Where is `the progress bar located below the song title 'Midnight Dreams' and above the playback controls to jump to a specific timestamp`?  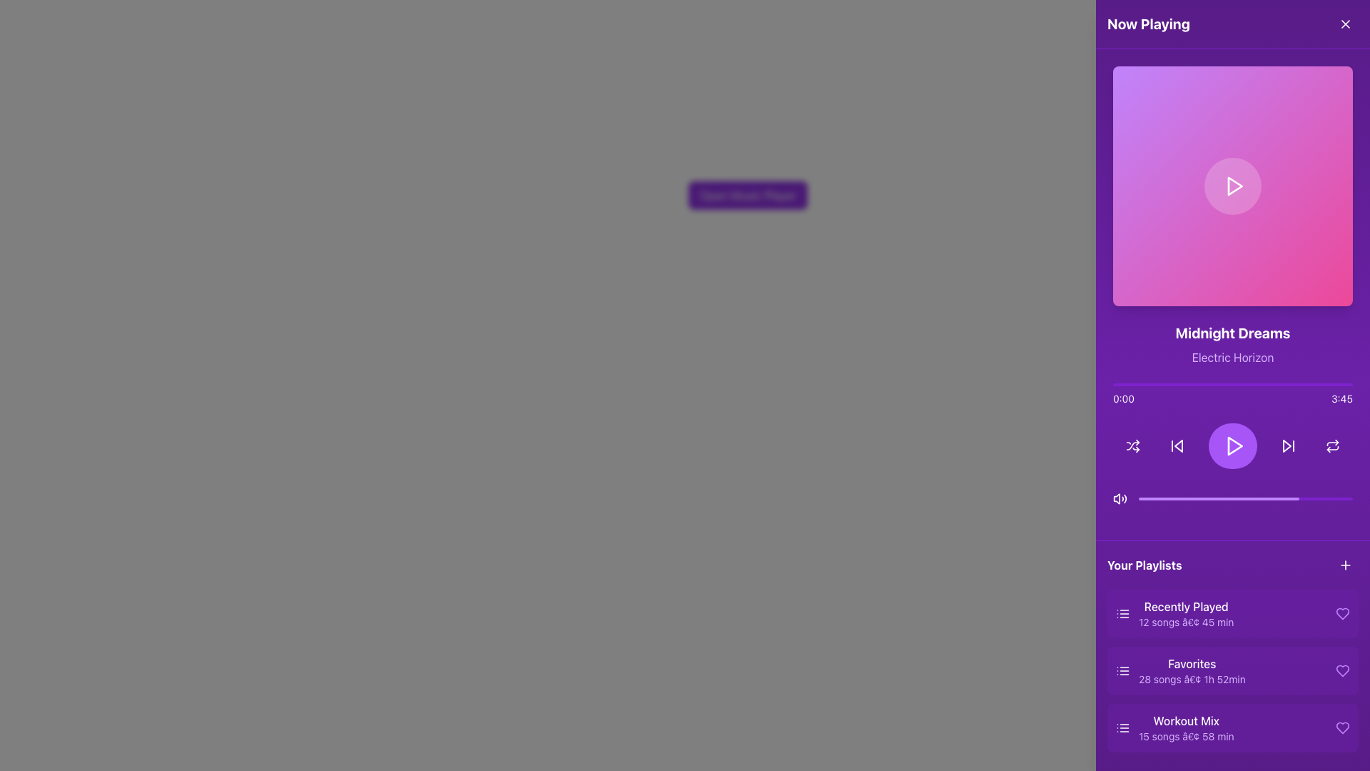 the progress bar located below the song title 'Midnight Dreams' and above the playback controls to jump to a specific timestamp is located at coordinates (1232, 384).